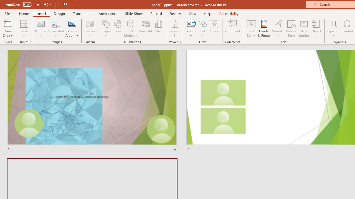 The image size is (355, 199). I want to click on 'Accessibility', so click(229, 13).